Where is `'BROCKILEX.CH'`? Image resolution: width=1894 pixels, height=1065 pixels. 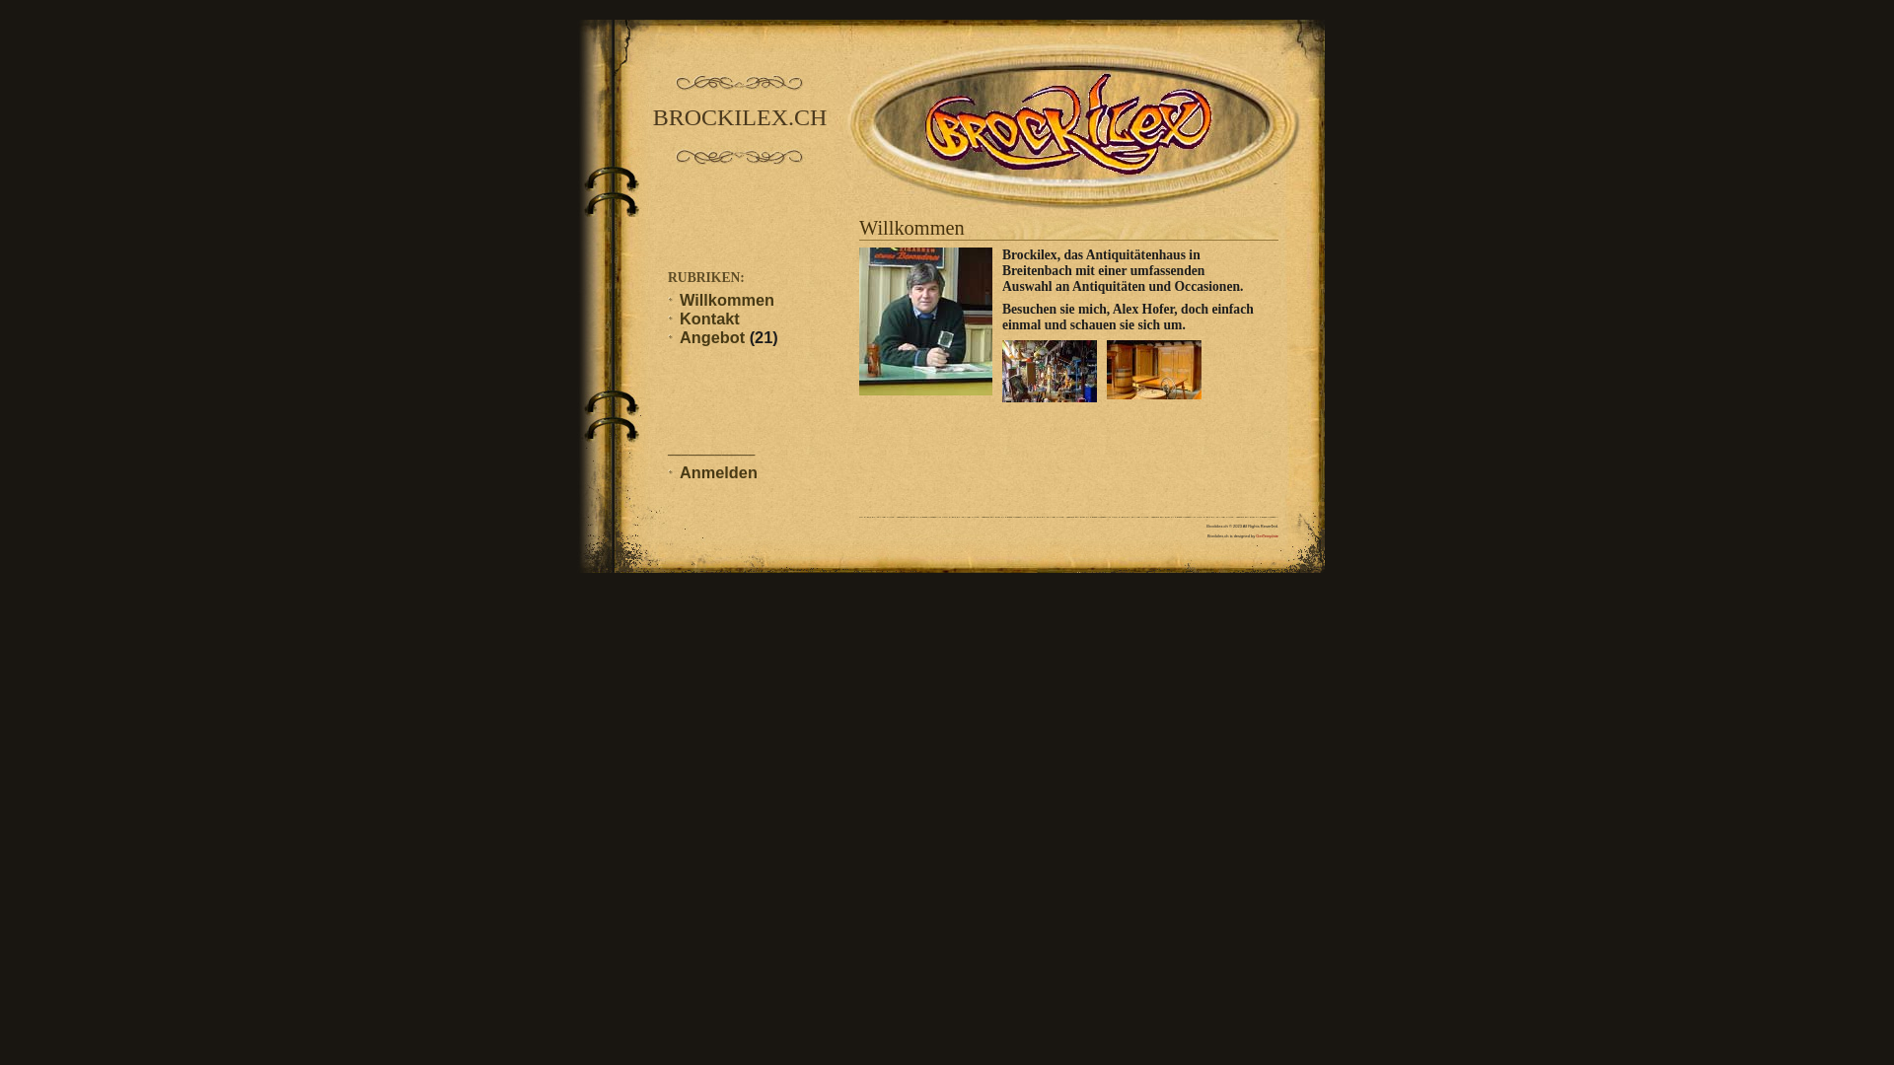
'BROCKILEX.CH' is located at coordinates (738, 117).